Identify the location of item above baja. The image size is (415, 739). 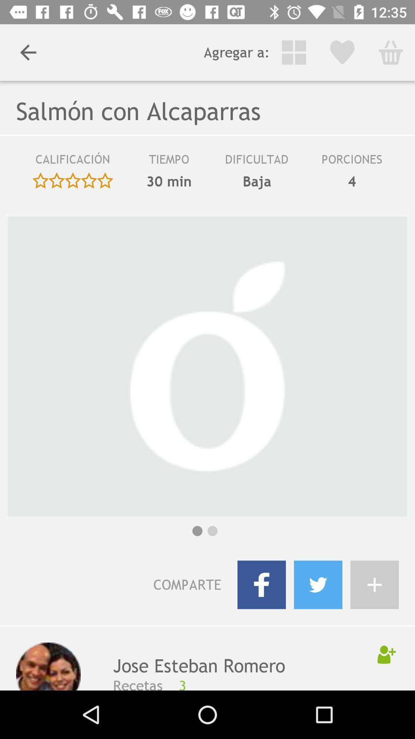
(257, 162).